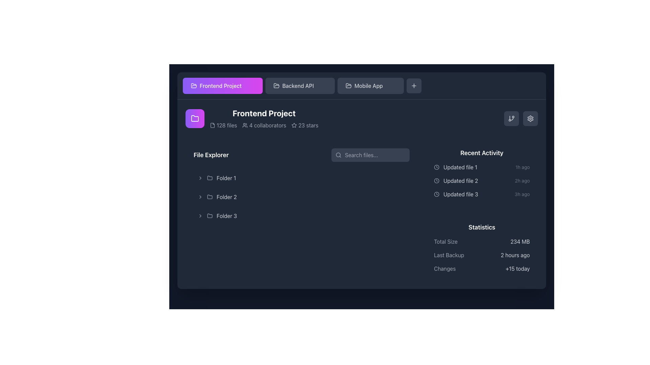 The image size is (650, 365). Describe the element at coordinates (301, 216) in the screenshot. I see `the list item labeled 'Folder 3' in the 'File Explorer' section` at that location.